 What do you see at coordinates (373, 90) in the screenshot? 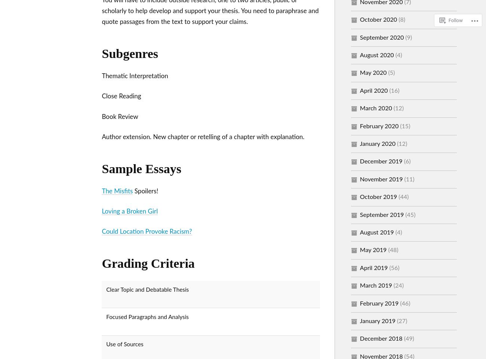
I see `'April 2020'` at bounding box center [373, 90].